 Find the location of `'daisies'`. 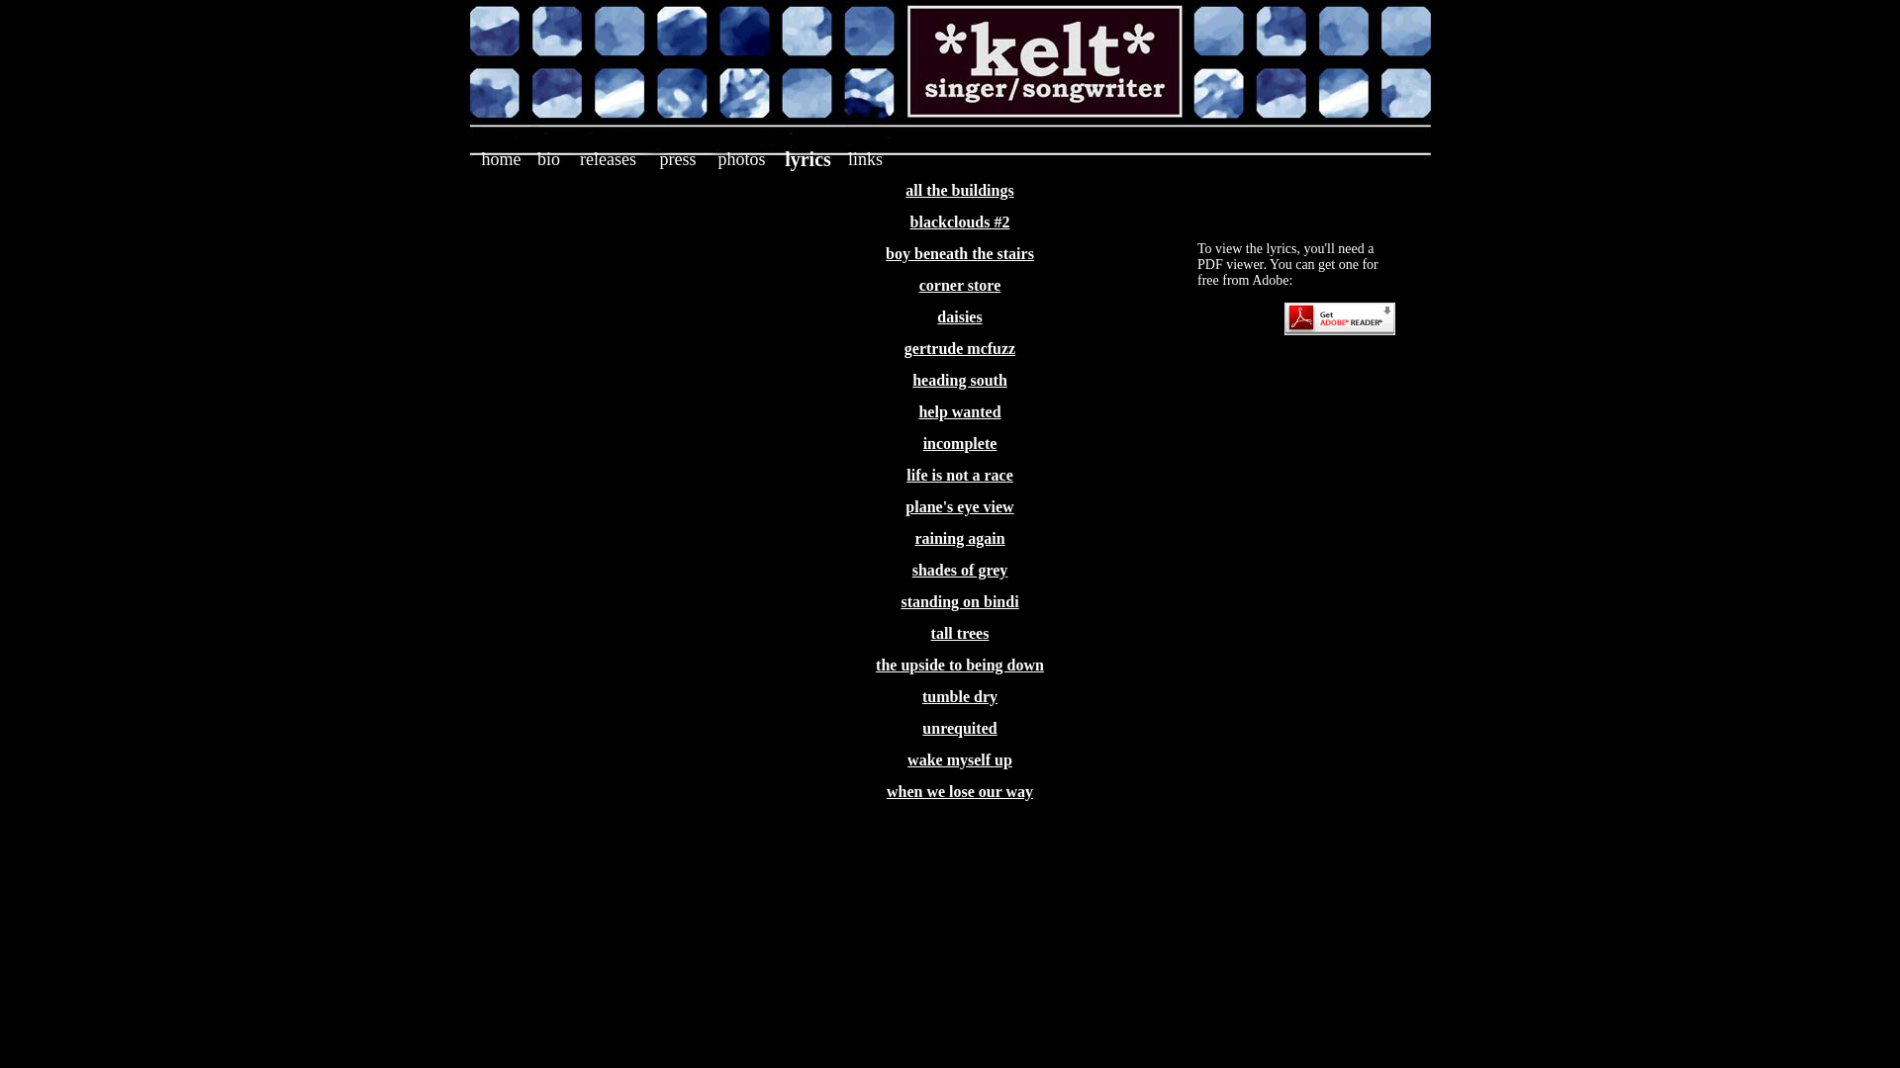

'daisies' is located at coordinates (959, 315).